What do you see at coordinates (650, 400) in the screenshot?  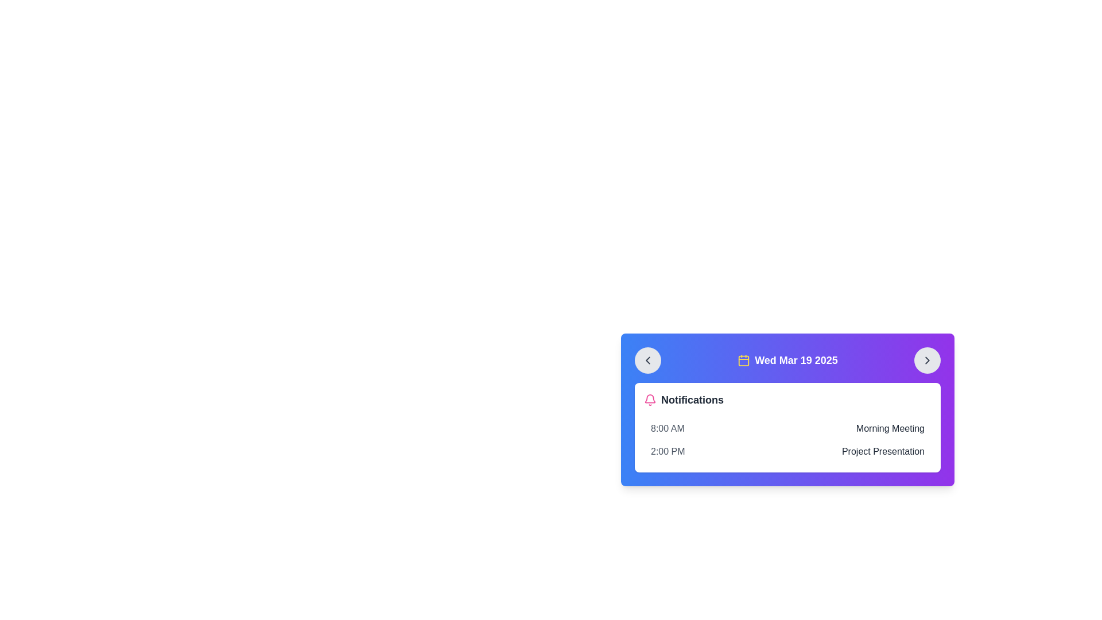 I see `the pink bell-shaped icon located to the left of the 'Notifications' text within the blue and purple gradient box in the lower right part of the interface` at bounding box center [650, 400].